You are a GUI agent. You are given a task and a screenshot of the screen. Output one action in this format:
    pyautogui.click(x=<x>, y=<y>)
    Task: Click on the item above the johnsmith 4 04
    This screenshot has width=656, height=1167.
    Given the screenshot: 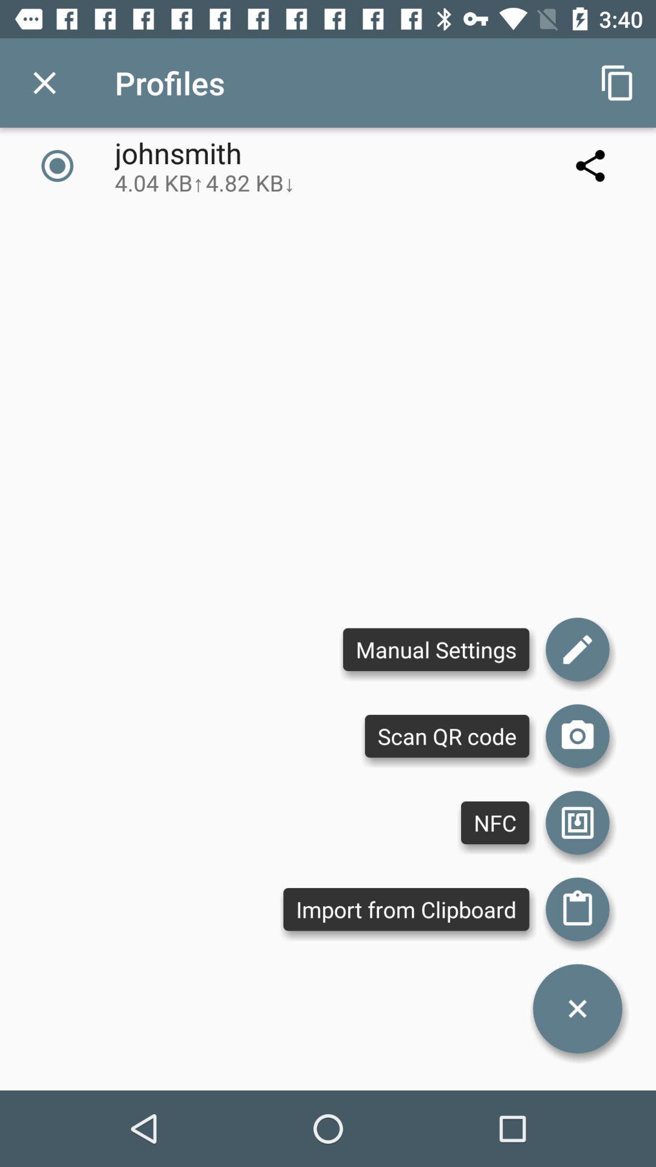 What is the action you would take?
    pyautogui.click(x=44, y=82)
    